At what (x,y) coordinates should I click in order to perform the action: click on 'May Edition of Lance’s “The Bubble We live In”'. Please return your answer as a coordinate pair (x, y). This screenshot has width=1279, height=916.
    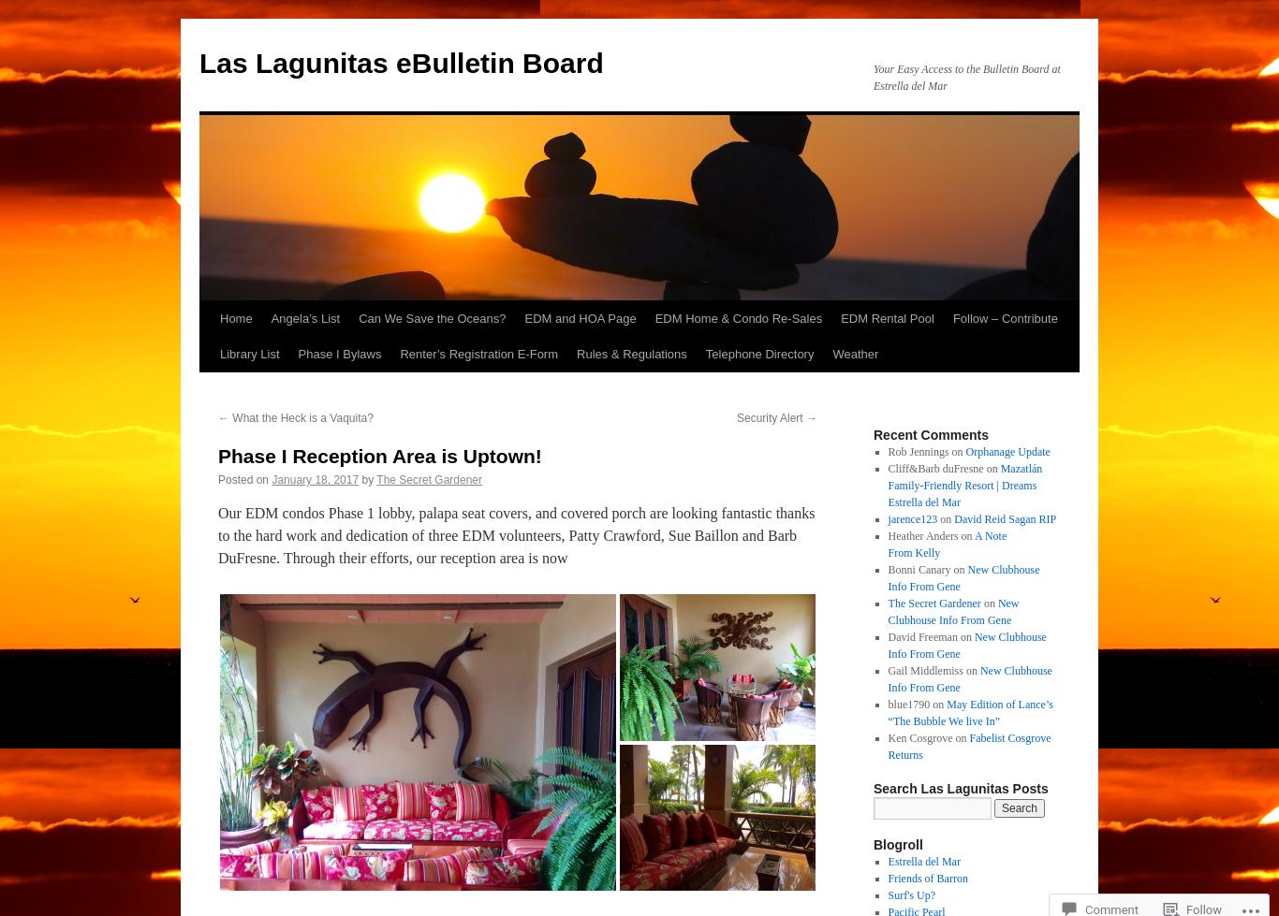
    Looking at the image, I should click on (968, 711).